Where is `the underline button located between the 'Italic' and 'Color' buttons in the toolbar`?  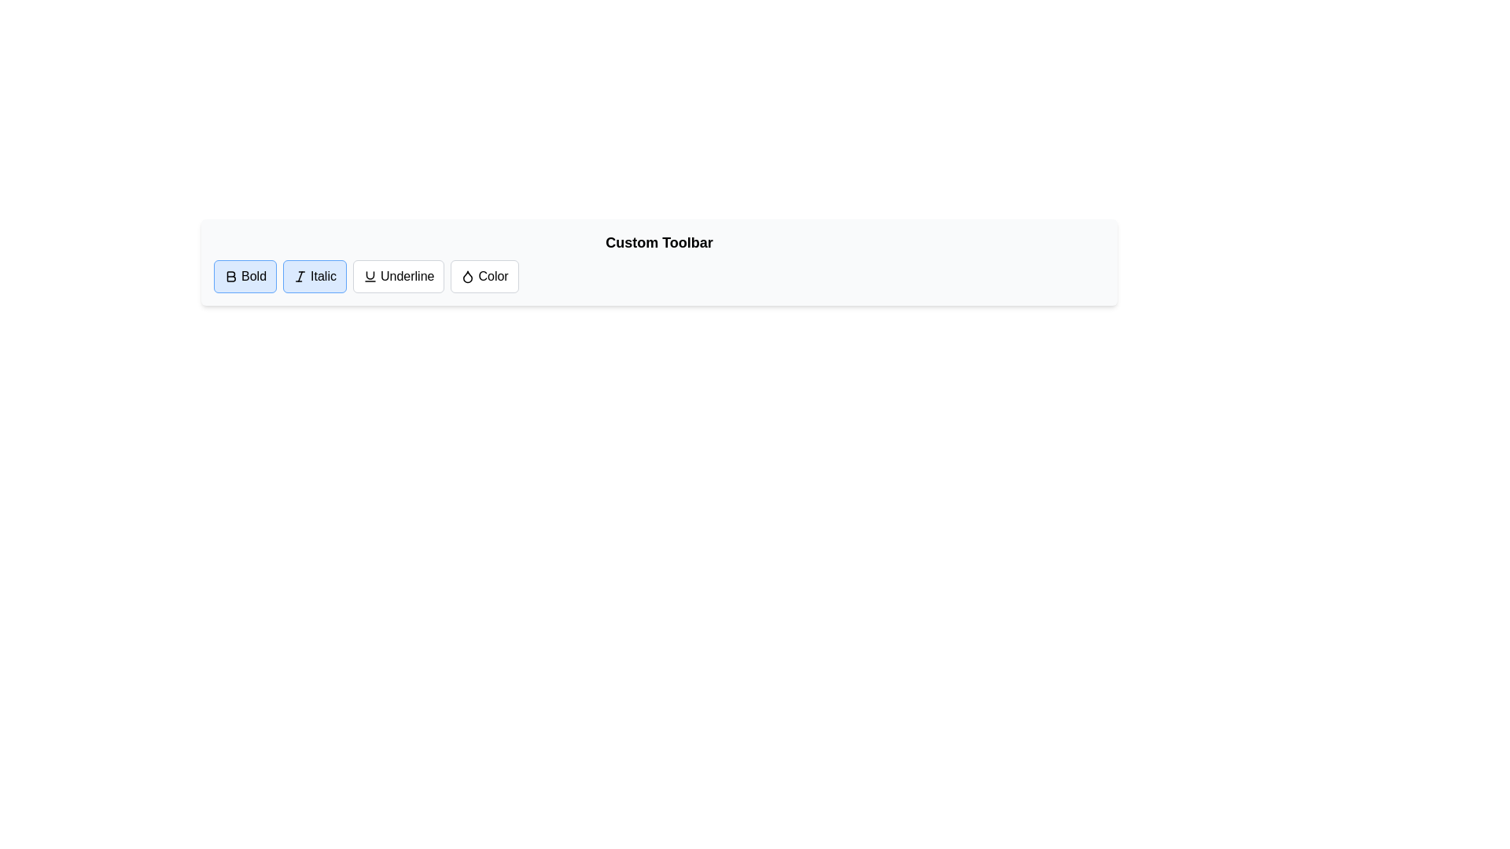
the underline button located between the 'Italic' and 'Color' buttons in the toolbar is located at coordinates (399, 275).